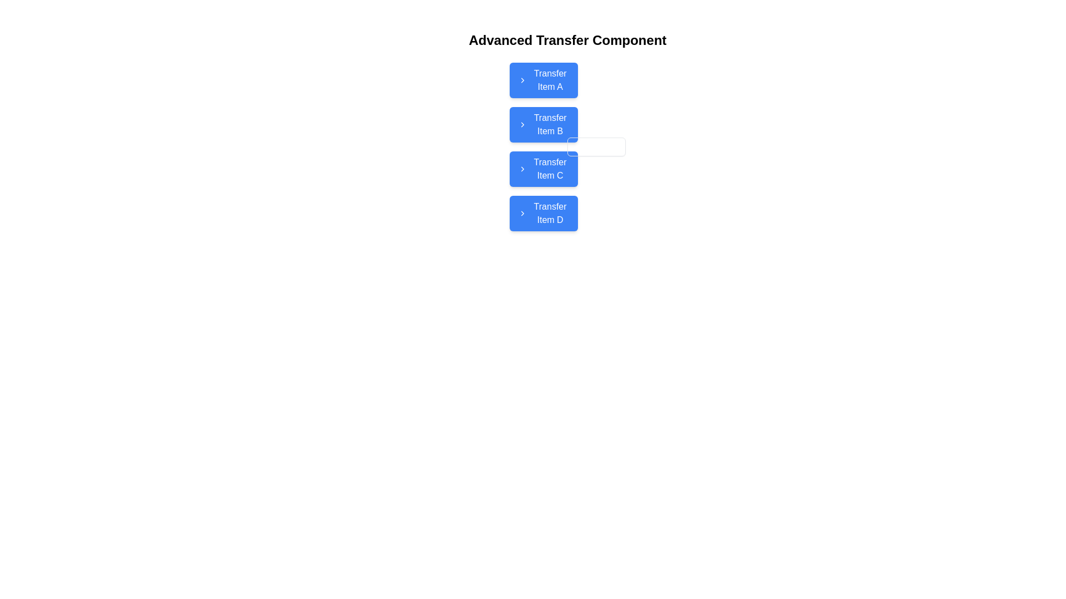 This screenshot has height=599, width=1066. What do you see at coordinates (544, 124) in the screenshot?
I see `the button labeled 'Transfer Item B' with a blue background and white text` at bounding box center [544, 124].